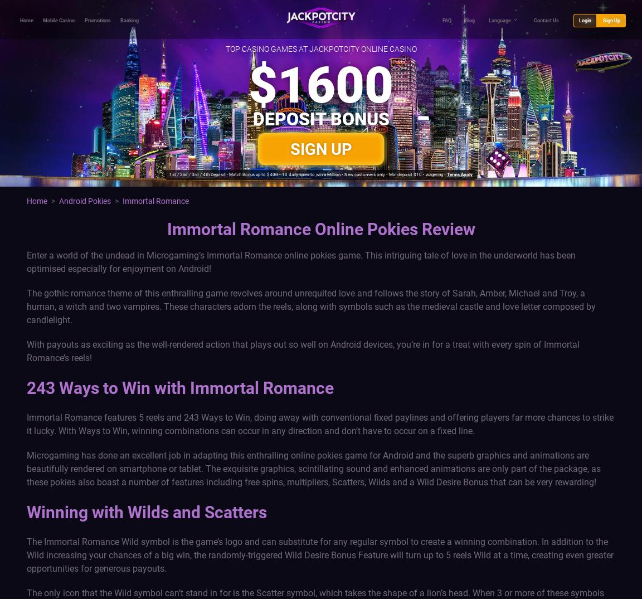  I want to click on 'Blog', so click(470, 20).